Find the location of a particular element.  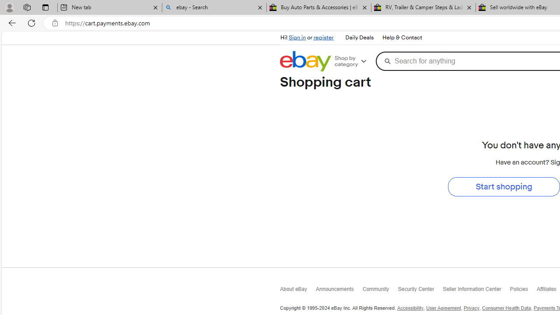

'Daily Deals' is located at coordinates (359, 38).